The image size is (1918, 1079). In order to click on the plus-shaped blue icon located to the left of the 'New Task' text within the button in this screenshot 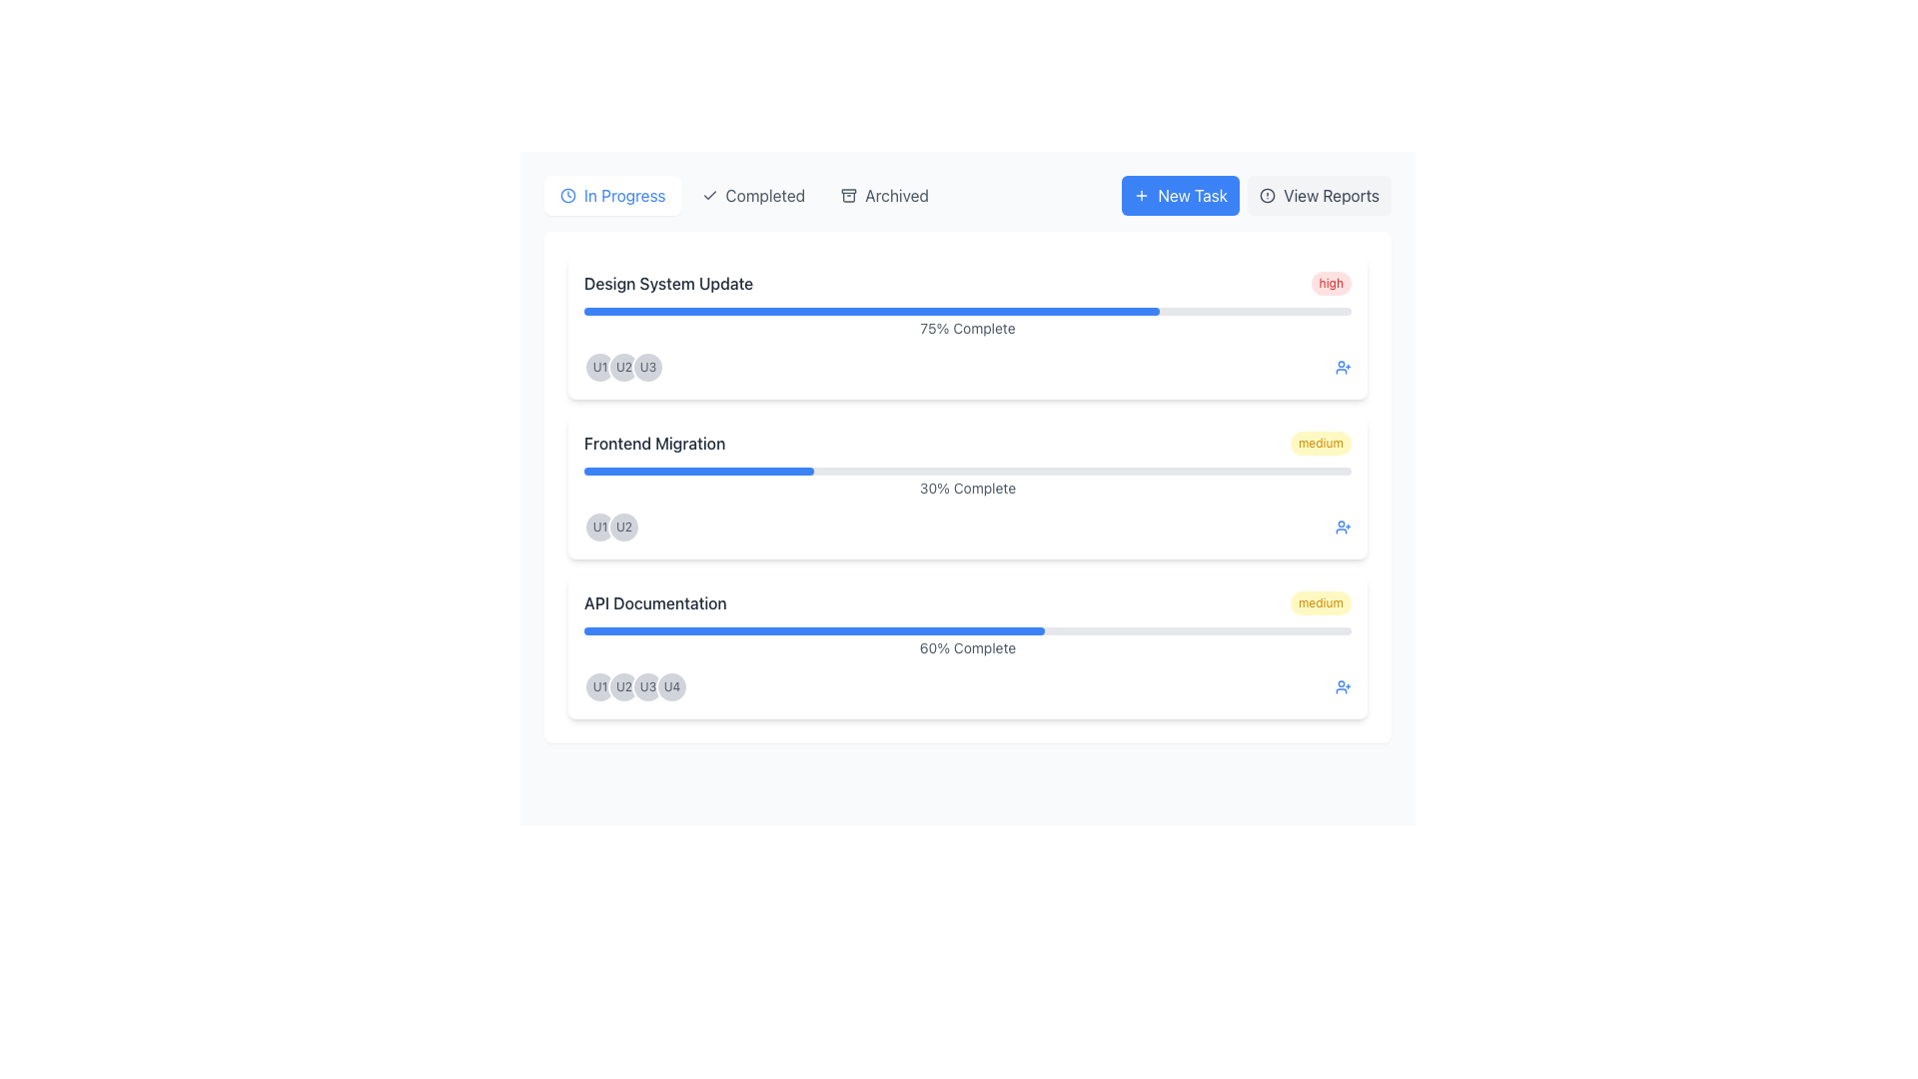, I will do `click(1142, 196)`.